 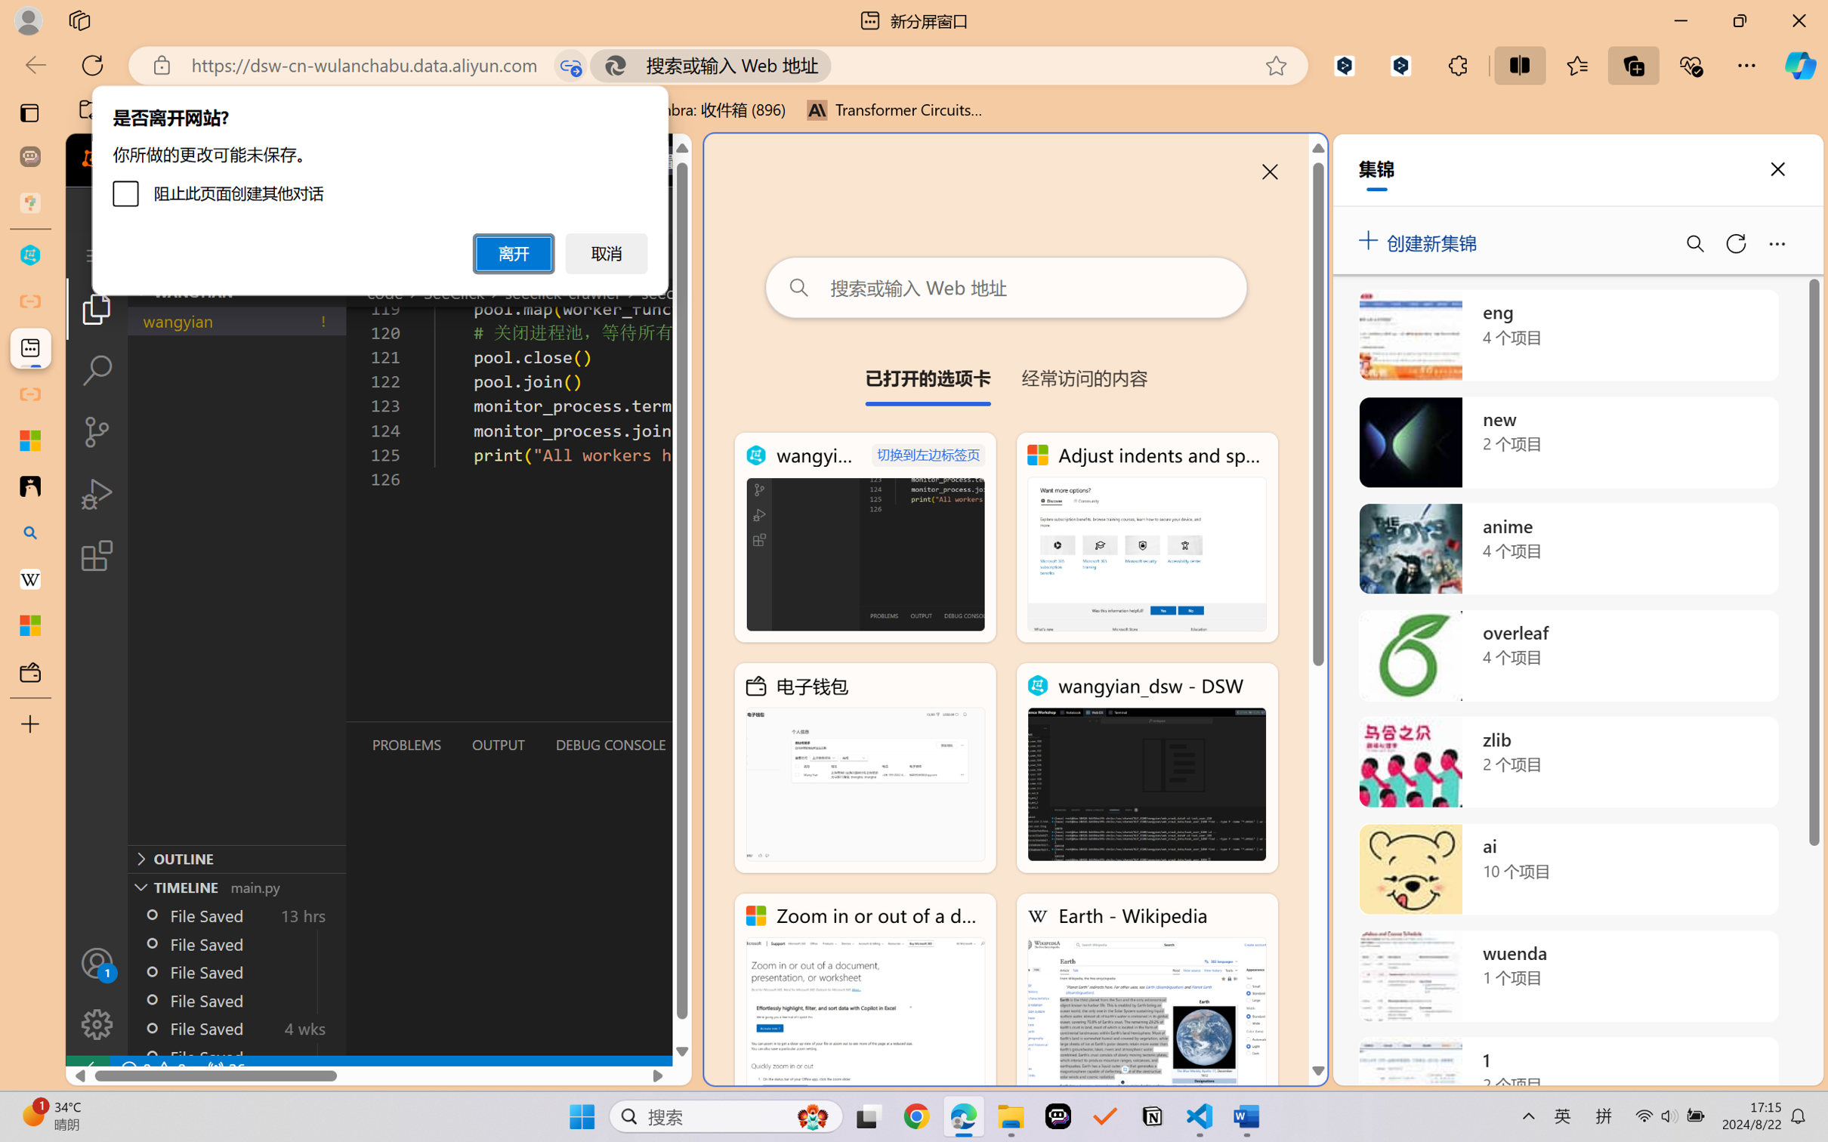 What do you see at coordinates (1146, 768) in the screenshot?
I see `'wangyian_dsw - DSW'` at bounding box center [1146, 768].